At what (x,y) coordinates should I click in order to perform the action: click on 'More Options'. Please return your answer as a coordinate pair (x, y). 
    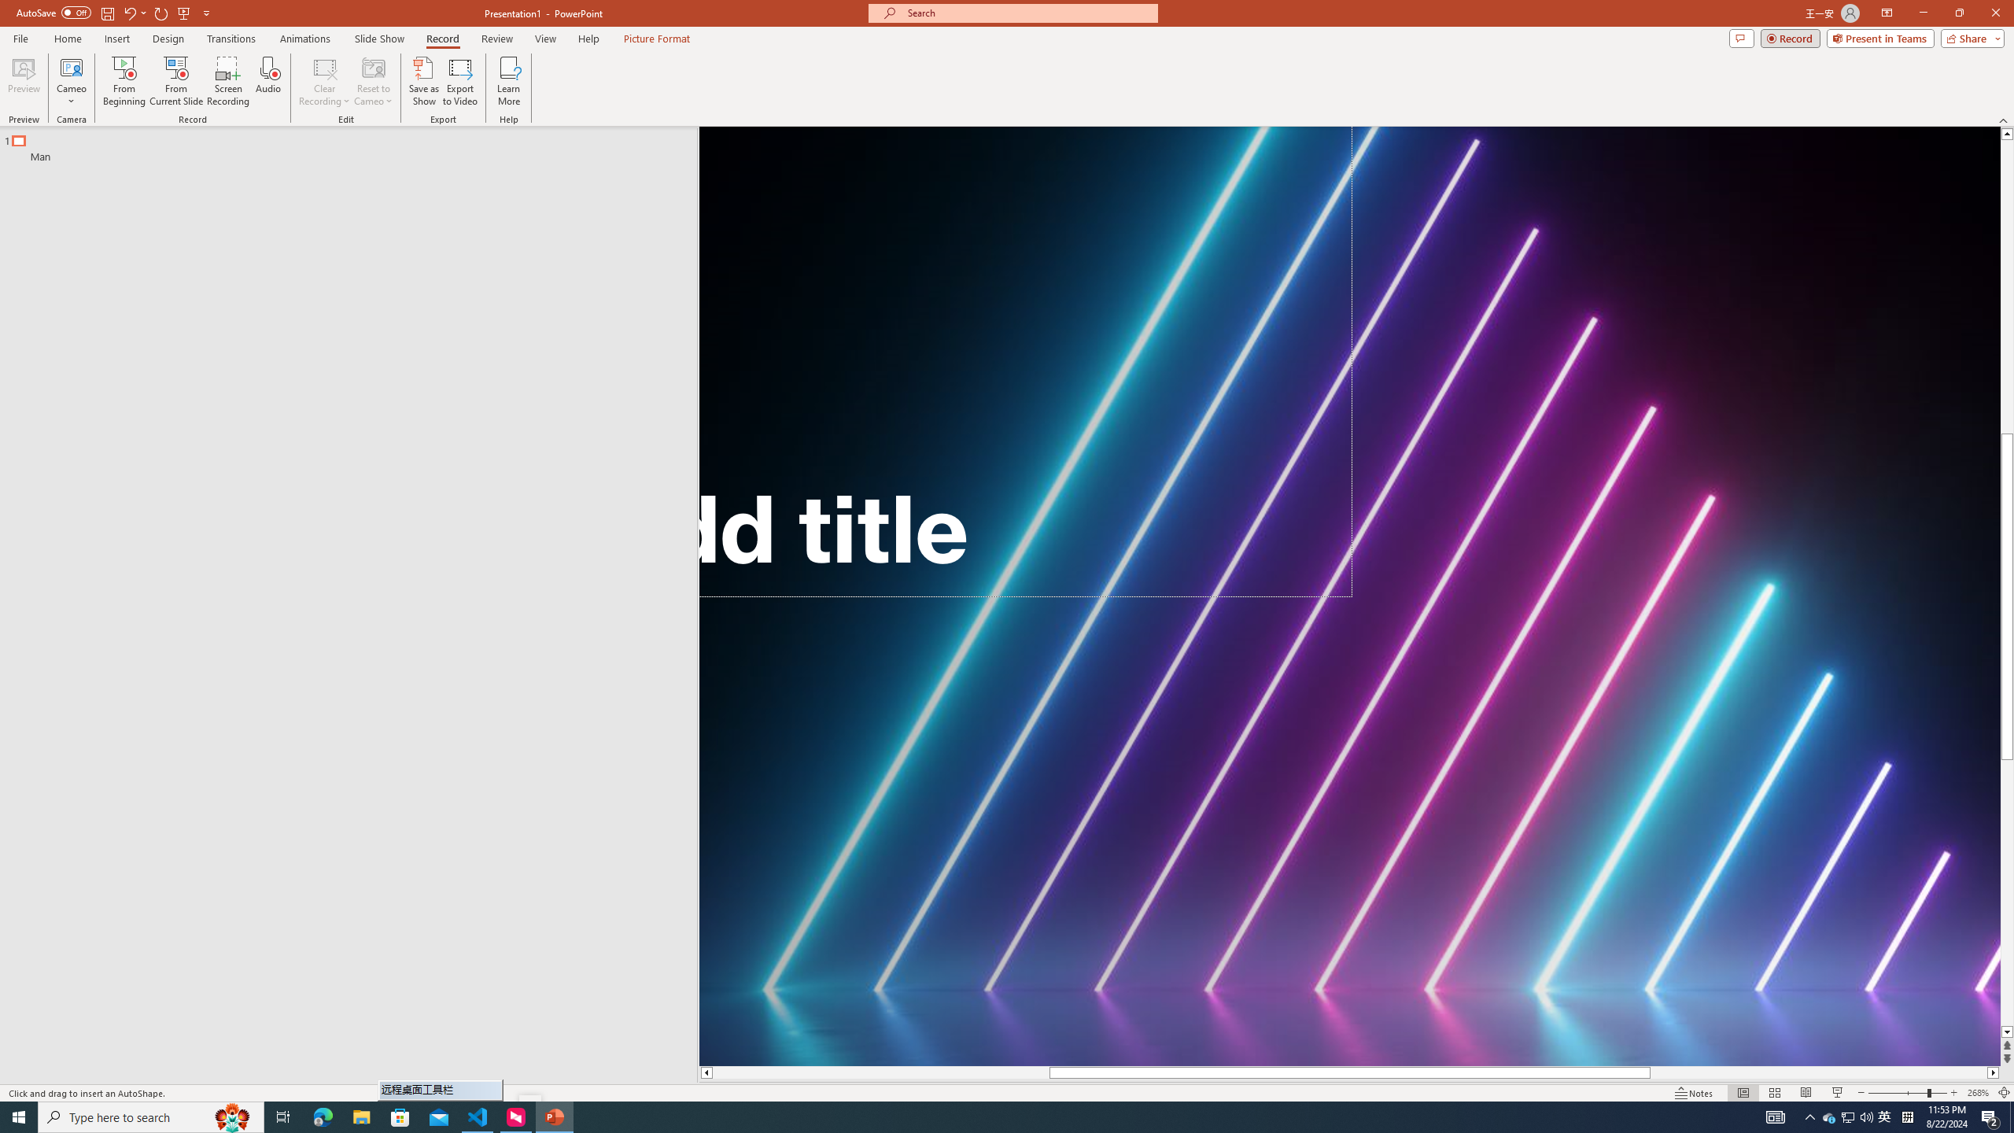
    Looking at the image, I should click on (70, 94).